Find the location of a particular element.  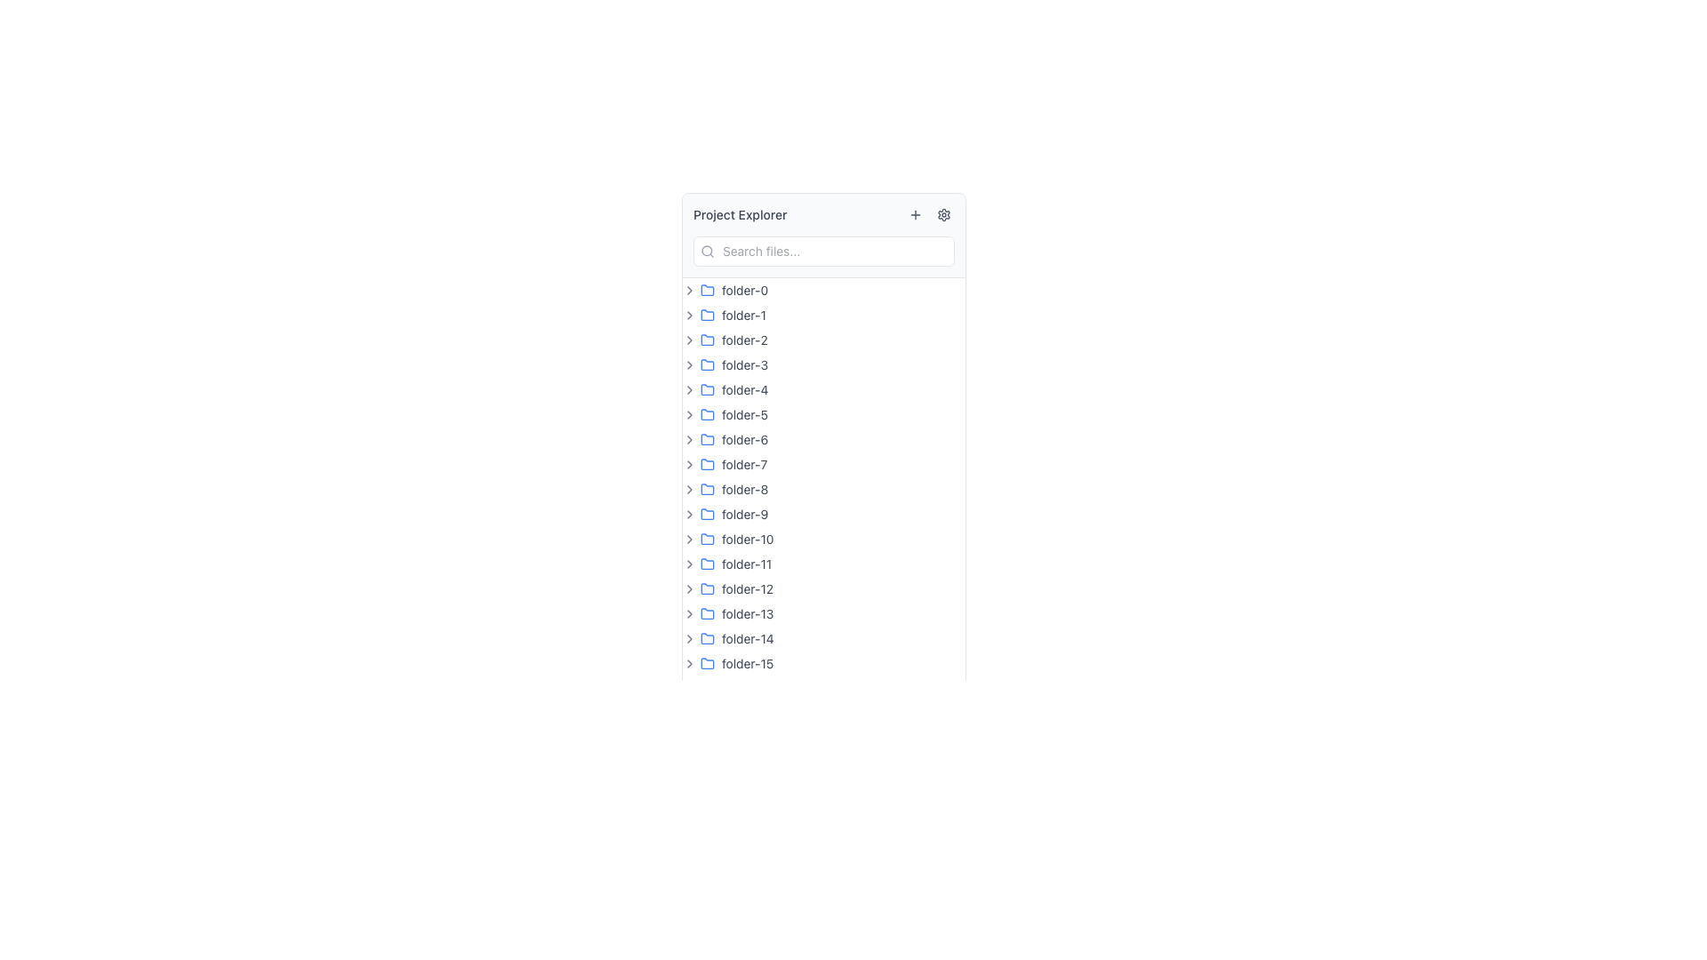

the folder icon element located in the 'Project Explorer' section, which visually represents the folder entity labeled 'folder-4' is located at coordinates (707, 388).